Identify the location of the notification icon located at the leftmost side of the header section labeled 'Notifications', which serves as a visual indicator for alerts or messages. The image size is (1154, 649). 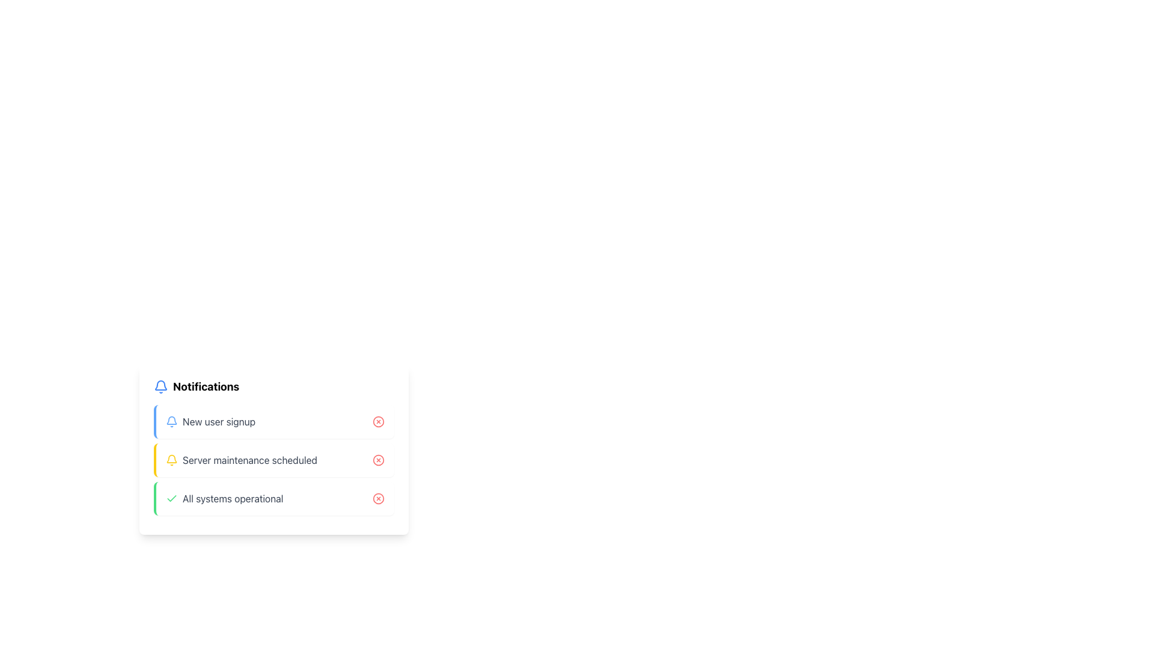
(160, 387).